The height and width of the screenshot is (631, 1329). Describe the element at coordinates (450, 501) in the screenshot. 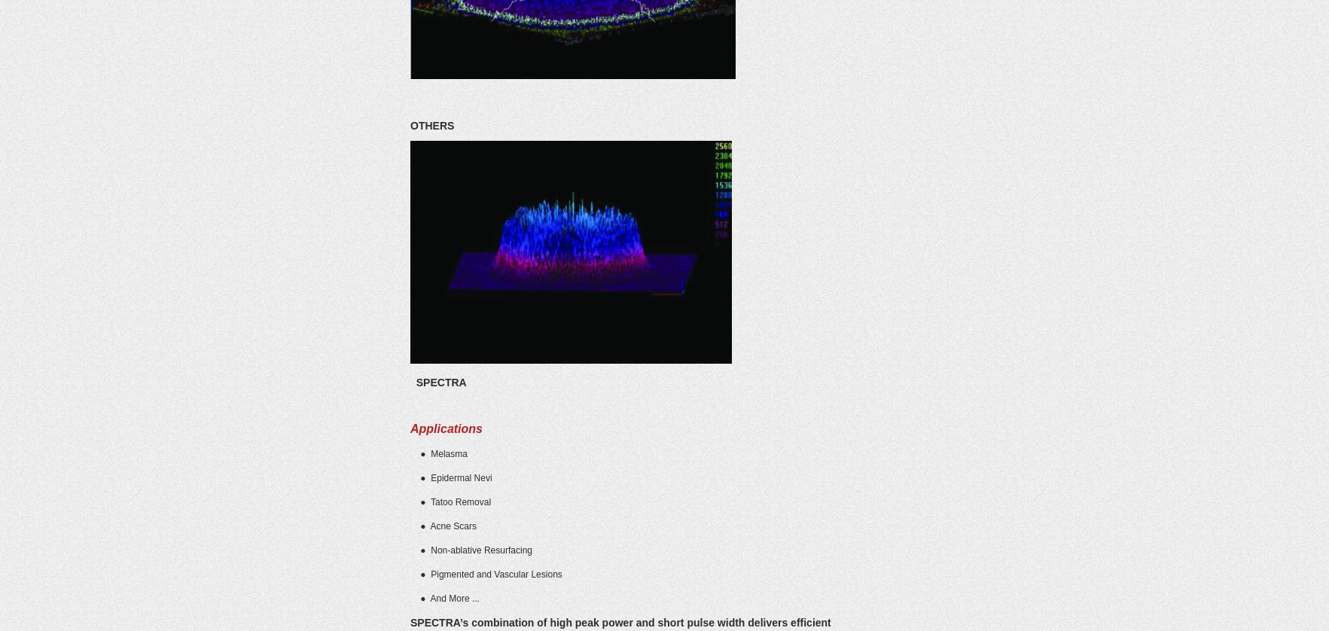

I see `'●  Tatoo Removal'` at that location.